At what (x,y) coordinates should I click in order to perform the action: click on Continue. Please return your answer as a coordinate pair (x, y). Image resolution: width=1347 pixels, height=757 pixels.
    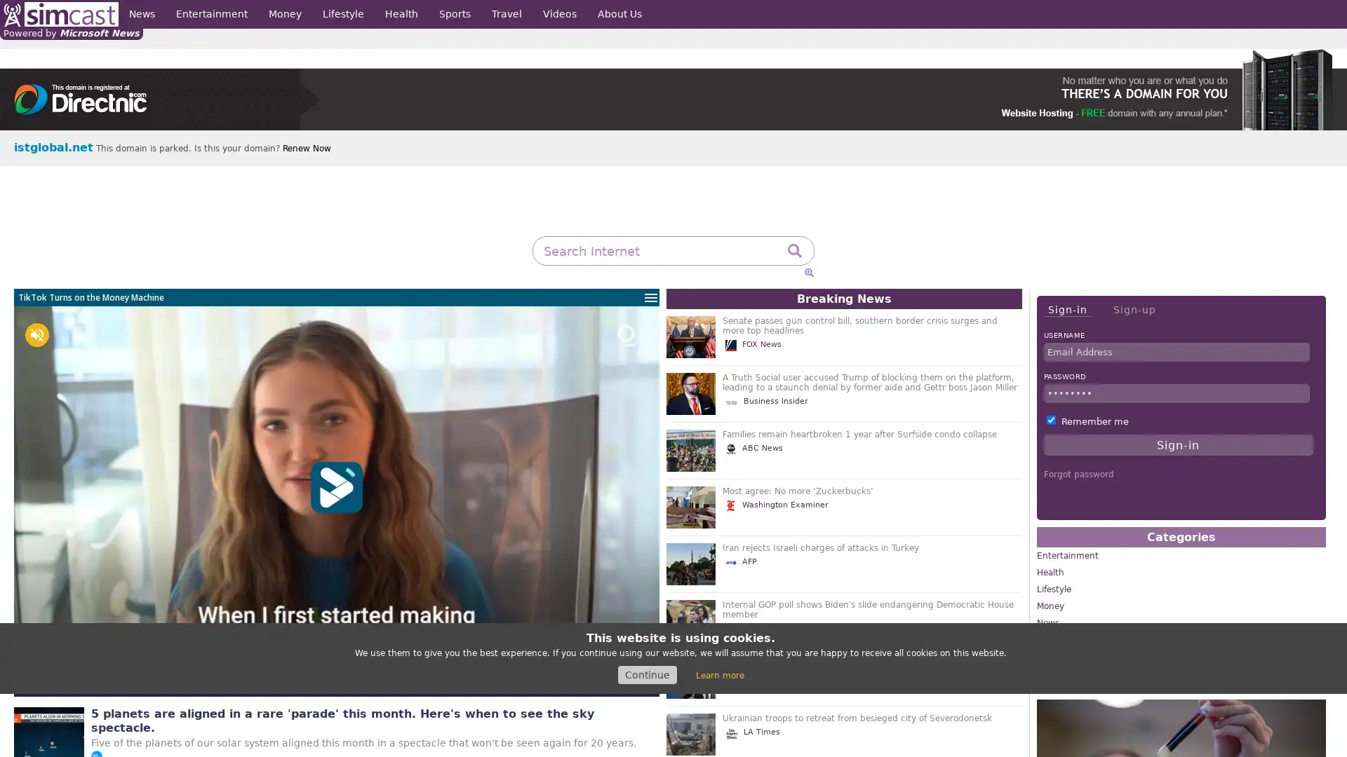
    Looking at the image, I should click on (646, 674).